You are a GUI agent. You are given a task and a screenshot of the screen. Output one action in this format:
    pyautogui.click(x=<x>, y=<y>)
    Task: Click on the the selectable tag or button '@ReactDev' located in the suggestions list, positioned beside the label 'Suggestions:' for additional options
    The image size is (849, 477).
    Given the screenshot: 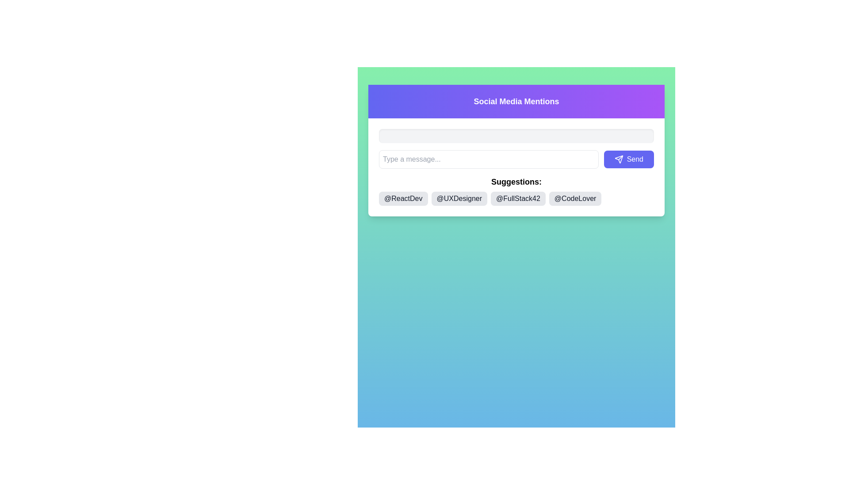 What is the action you would take?
    pyautogui.click(x=403, y=199)
    